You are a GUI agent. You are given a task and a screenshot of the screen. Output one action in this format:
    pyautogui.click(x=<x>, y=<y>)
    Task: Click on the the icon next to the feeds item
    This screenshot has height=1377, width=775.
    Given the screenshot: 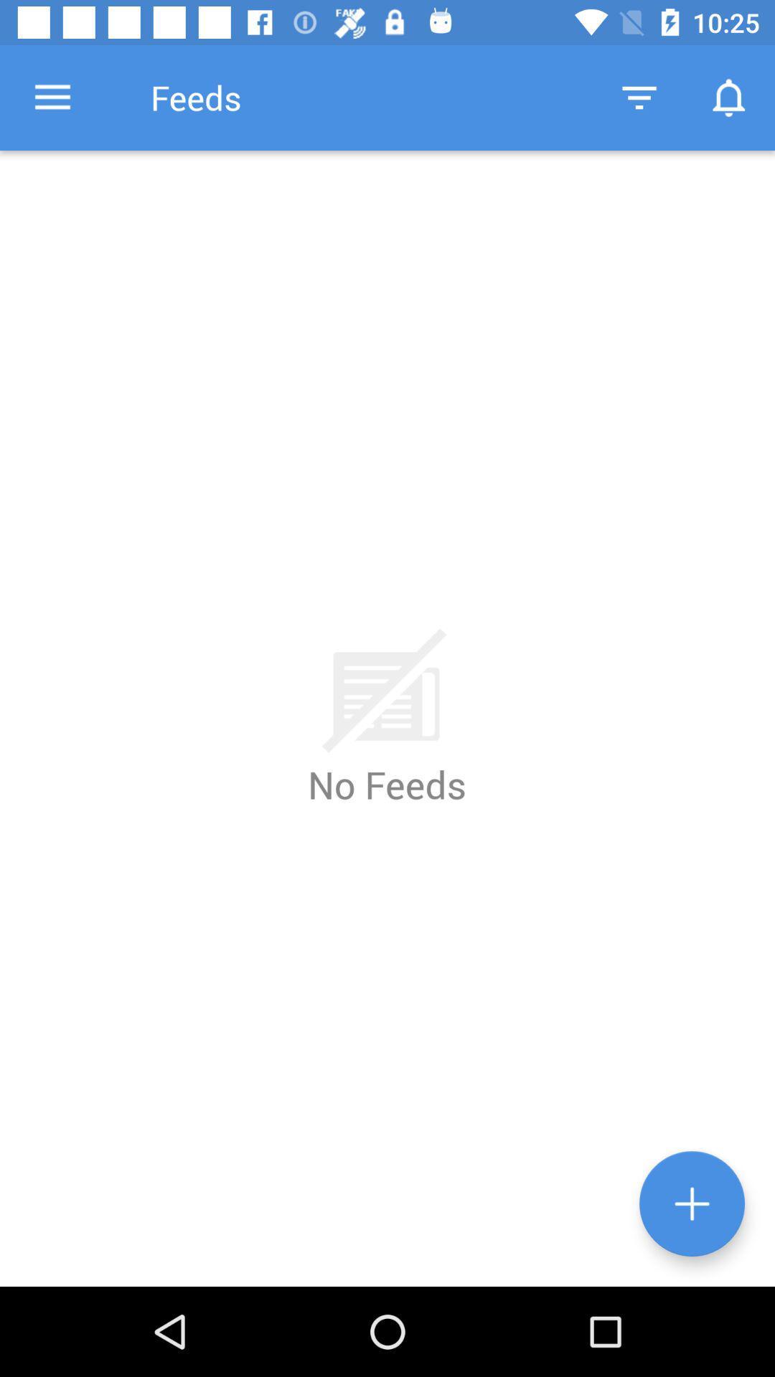 What is the action you would take?
    pyautogui.click(x=639, y=97)
    